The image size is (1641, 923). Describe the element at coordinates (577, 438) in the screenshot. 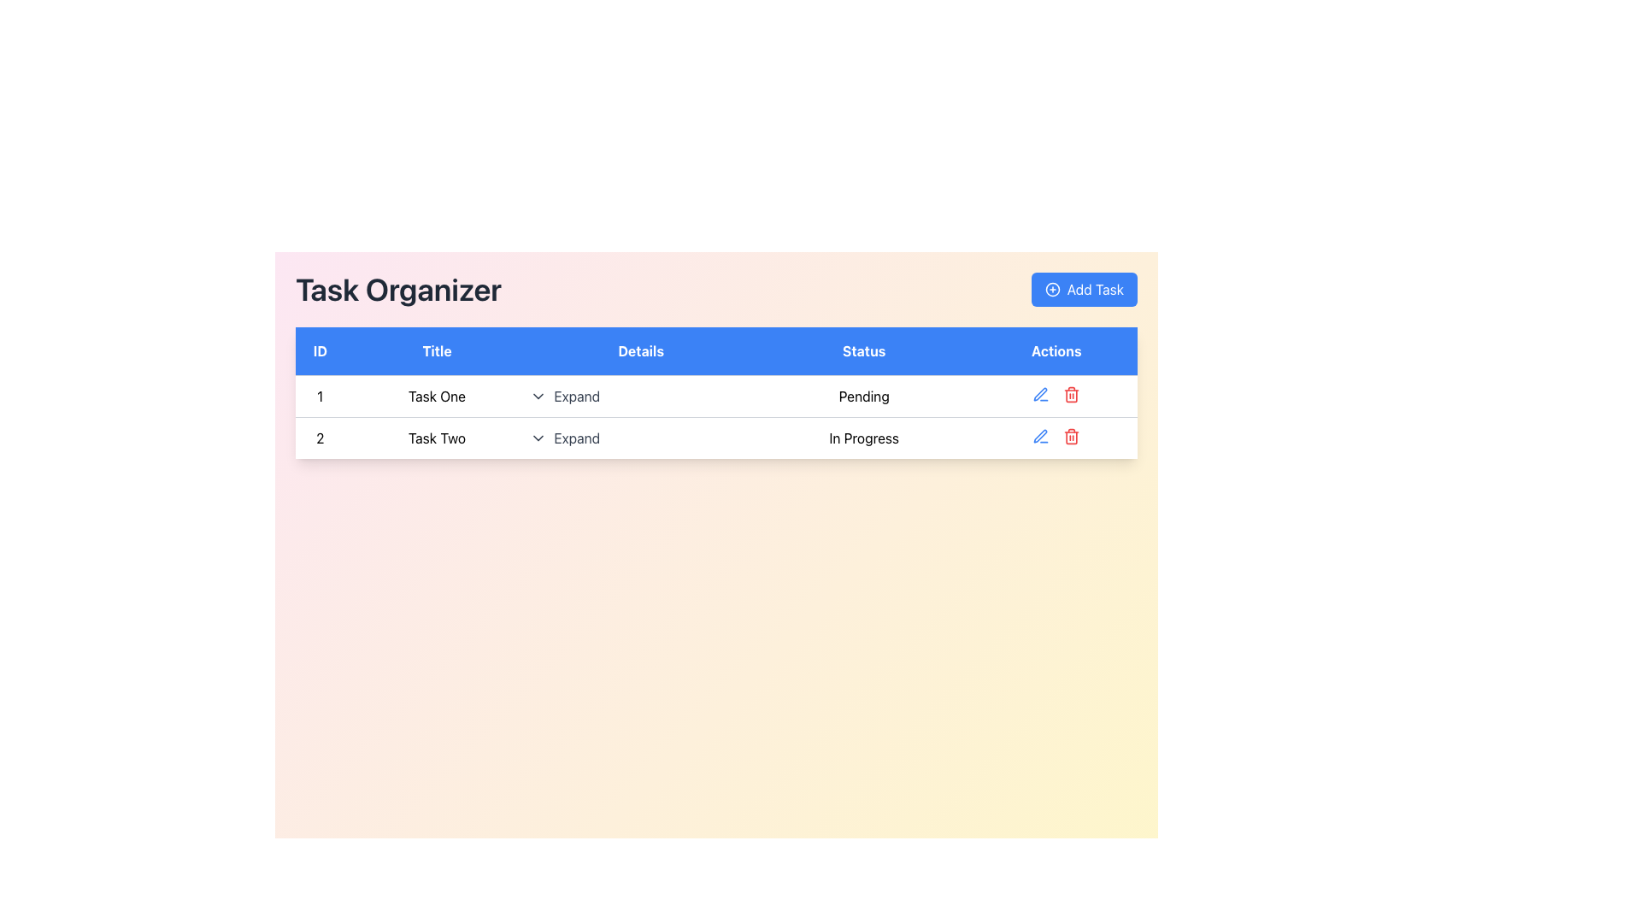

I see `the Text Label in the 'Details' column of the second row of the table, which indicates the option to expand or collapse additional details` at that location.